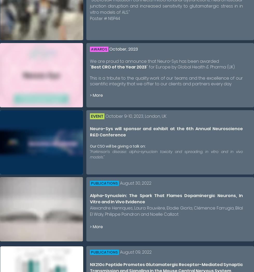  I want to click on 'AWARDS', so click(91, 49).